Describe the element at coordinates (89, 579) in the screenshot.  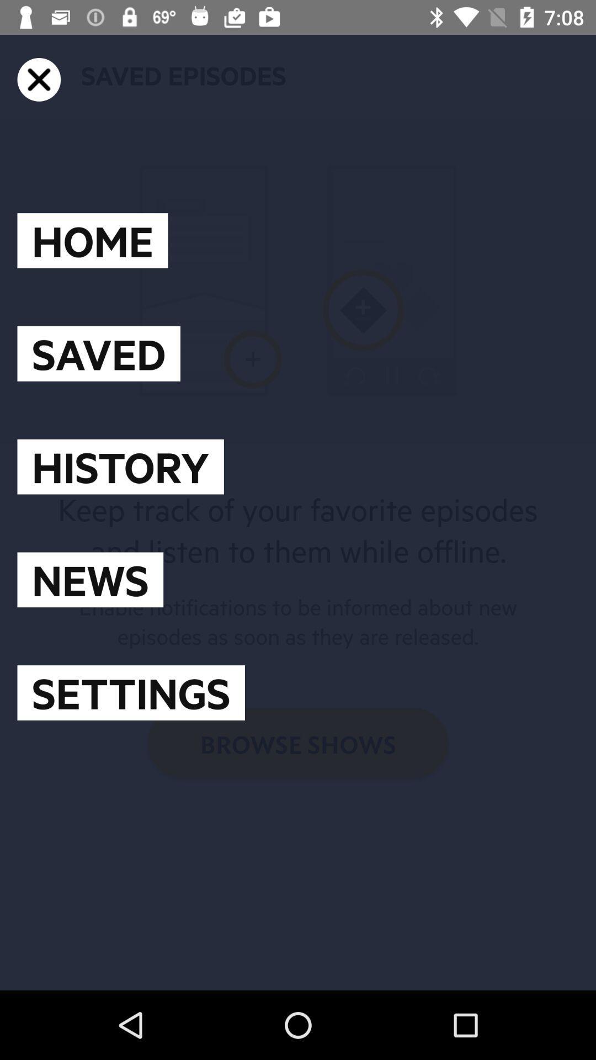
I see `item below the history icon` at that location.